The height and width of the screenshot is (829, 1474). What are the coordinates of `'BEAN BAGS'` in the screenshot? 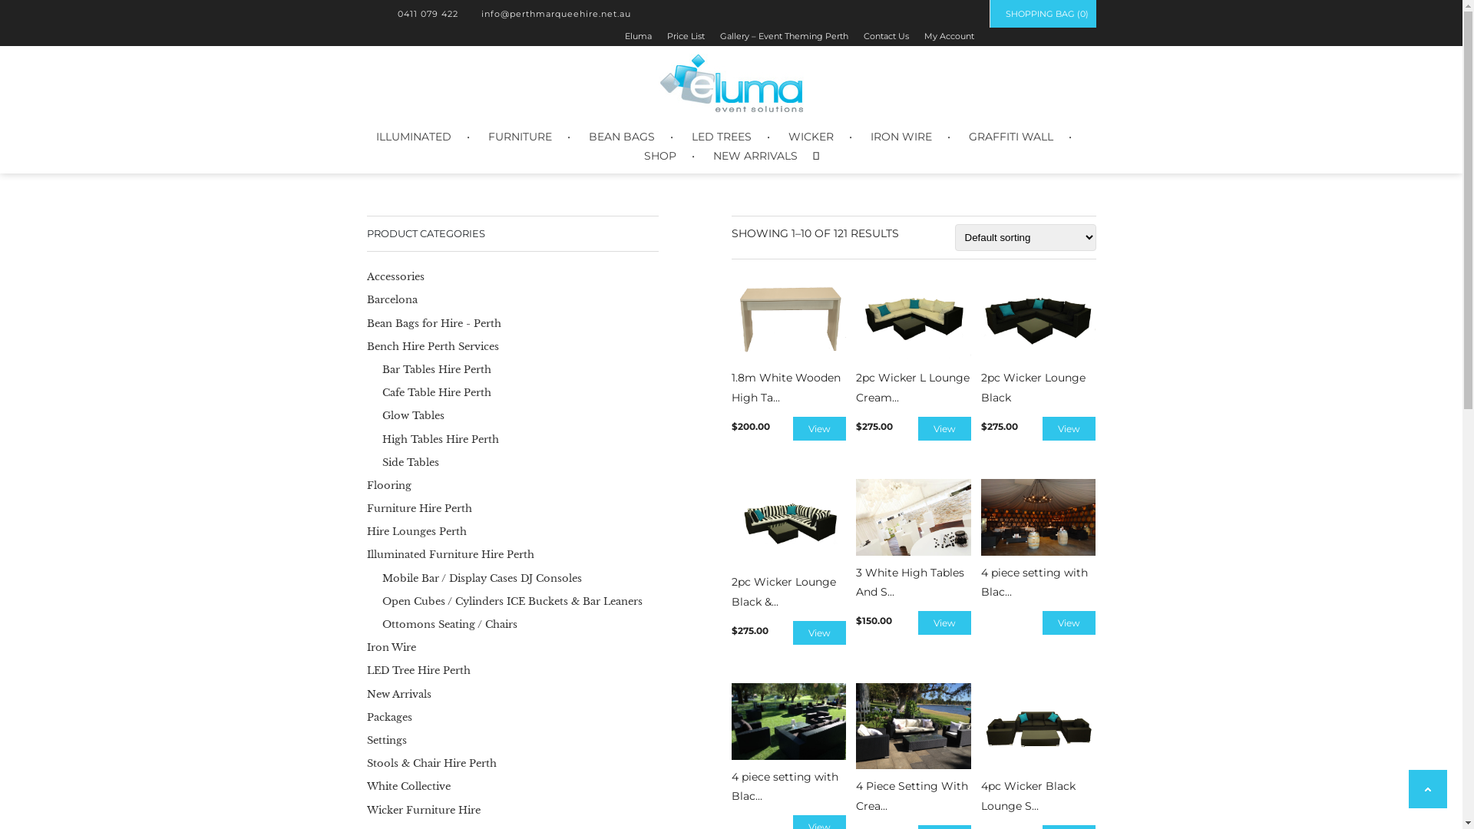 It's located at (621, 136).